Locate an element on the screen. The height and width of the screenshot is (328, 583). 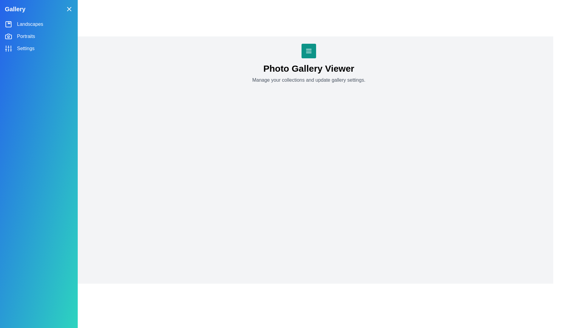
the category Settings from the side drawer menu is located at coordinates (39, 48).